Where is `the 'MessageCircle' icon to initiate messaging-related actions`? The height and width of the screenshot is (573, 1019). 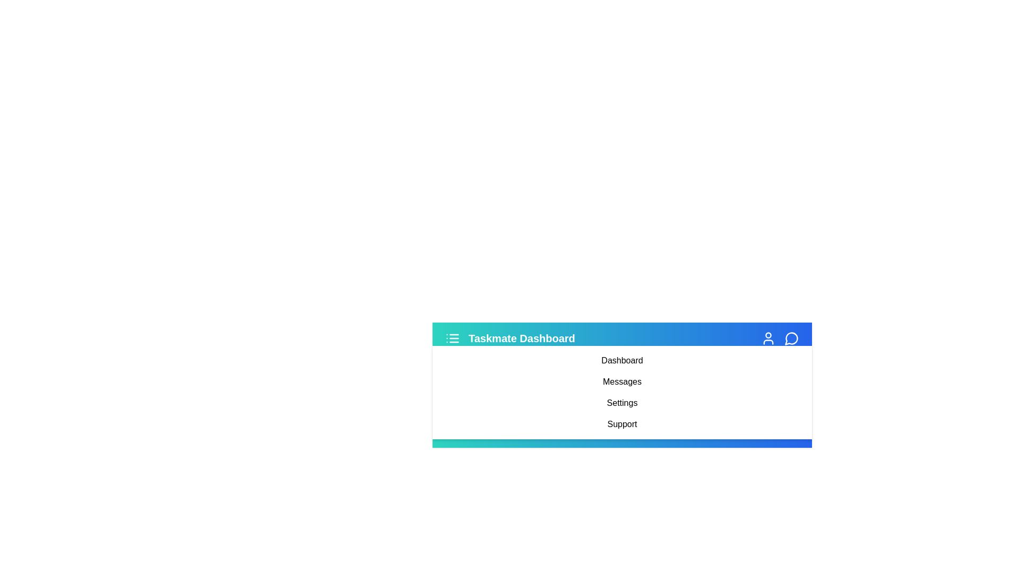 the 'MessageCircle' icon to initiate messaging-related actions is located at coordinates (792, 338).